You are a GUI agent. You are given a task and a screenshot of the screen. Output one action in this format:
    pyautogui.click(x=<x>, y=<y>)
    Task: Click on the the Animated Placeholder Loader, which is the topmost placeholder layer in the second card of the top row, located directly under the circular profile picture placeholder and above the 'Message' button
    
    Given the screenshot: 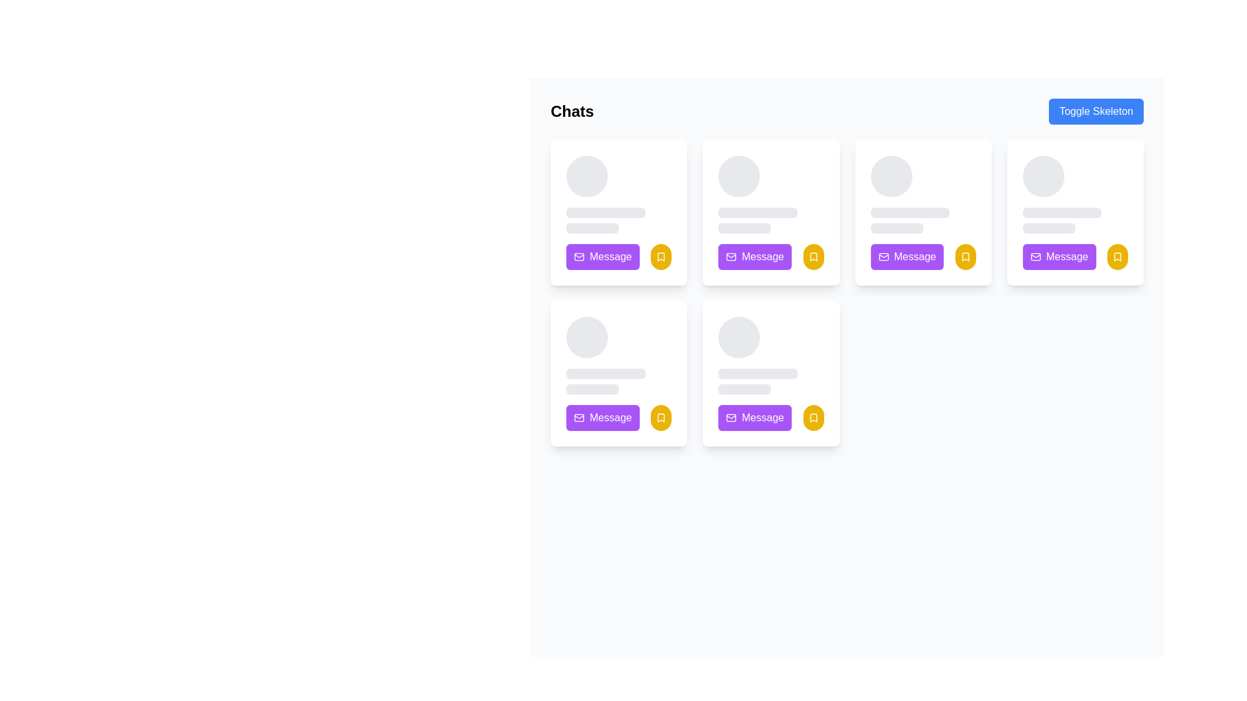 What is the action you would take?
    pyautogui.click(x=771, y=195)
    